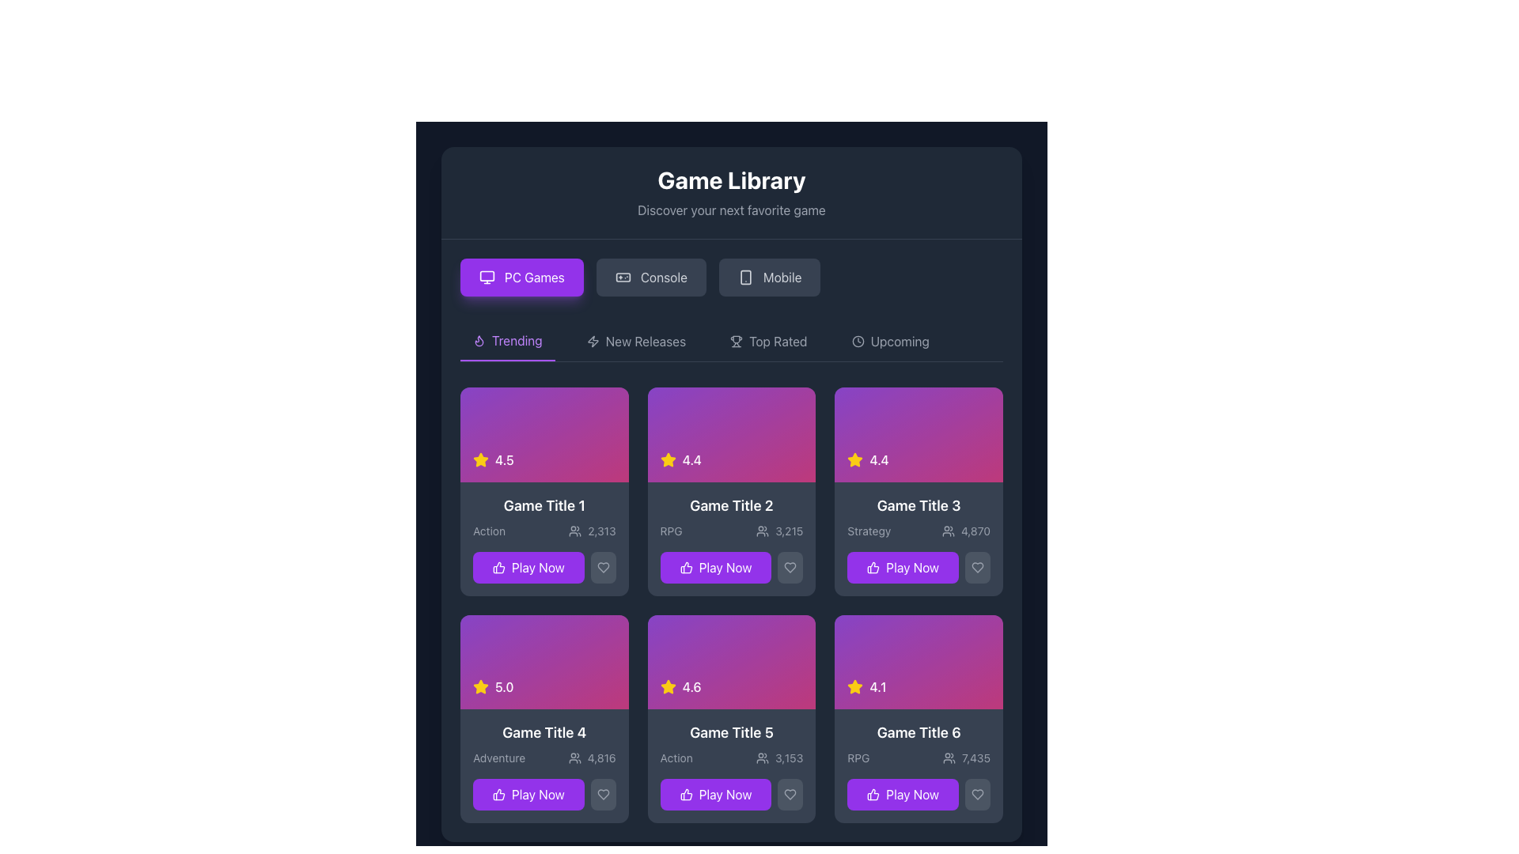 Image resolution: width=1519 pixels, height=854 pixels. I want to click on the 'Top Rated' button in the navigation bar, so click(768, 341).